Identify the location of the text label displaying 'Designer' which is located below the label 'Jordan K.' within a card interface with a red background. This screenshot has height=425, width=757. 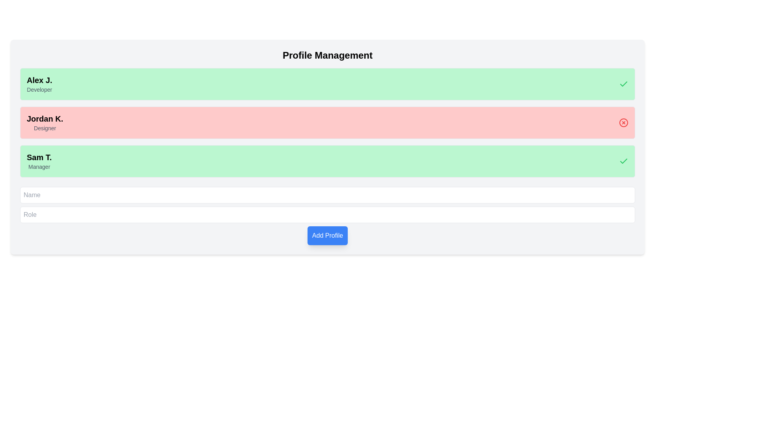
(45, 128).